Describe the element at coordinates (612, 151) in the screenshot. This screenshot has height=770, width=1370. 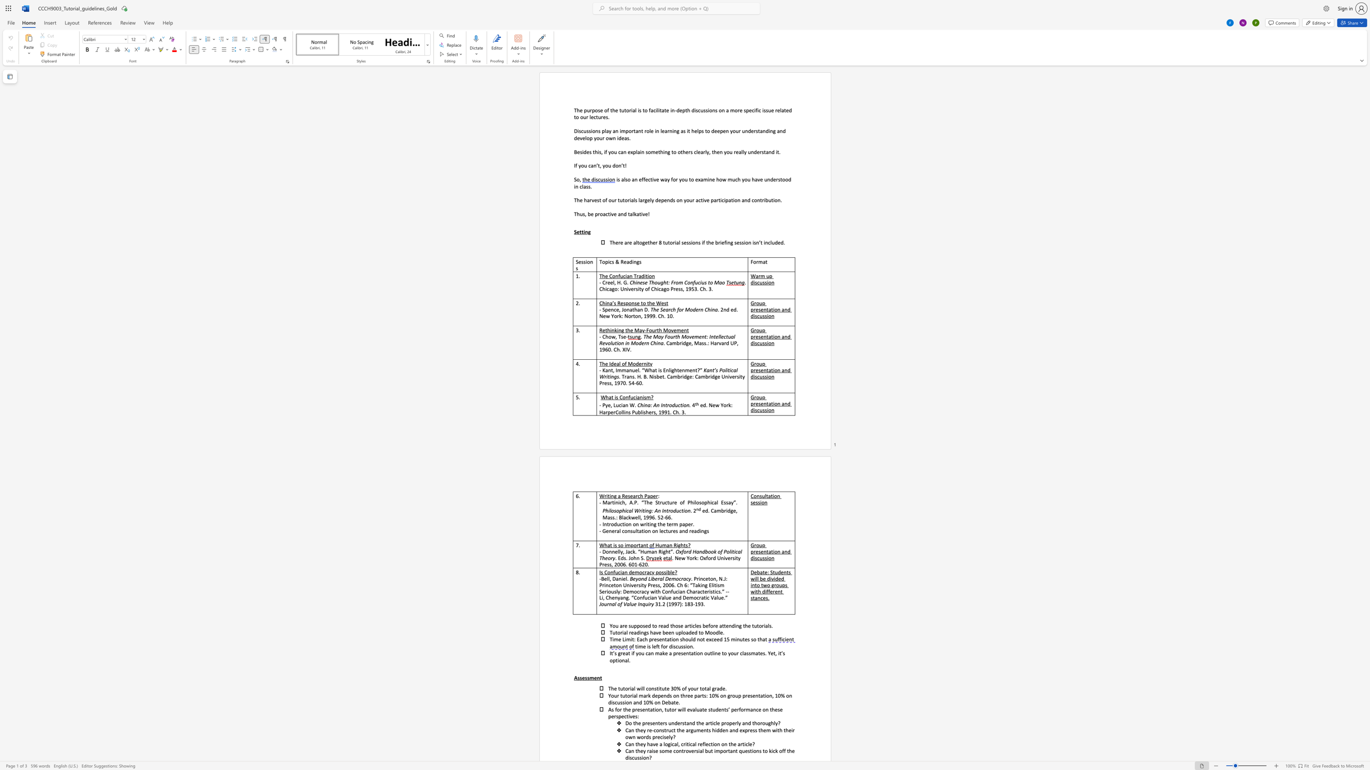
I see `the 1th character "o" in the text` at that location.